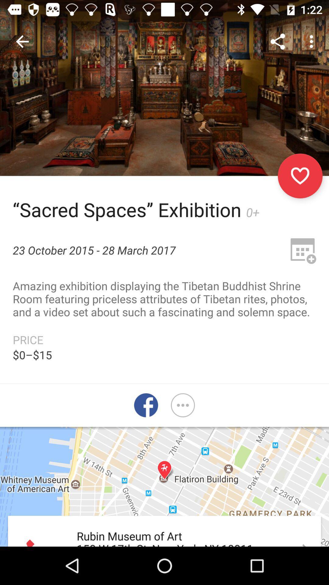 The image size is (329, 585). What do you see at coordinates (182, 405) in the screenshot?
I see `the more icon` at bounding box center [182, 405].